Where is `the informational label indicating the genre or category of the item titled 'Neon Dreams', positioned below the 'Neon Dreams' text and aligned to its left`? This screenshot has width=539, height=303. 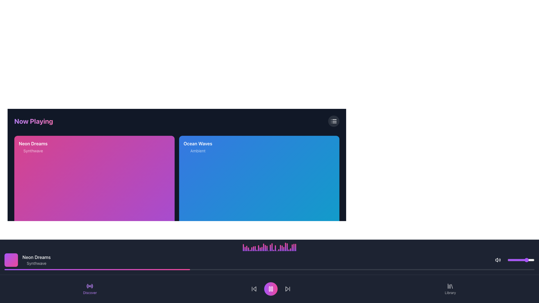
the informational label indicating the genre or category of the item titled 'Neon Dreams', positioned below the 'Neon Dreams' text and aligned to its left is located at coordinates (33, 150).